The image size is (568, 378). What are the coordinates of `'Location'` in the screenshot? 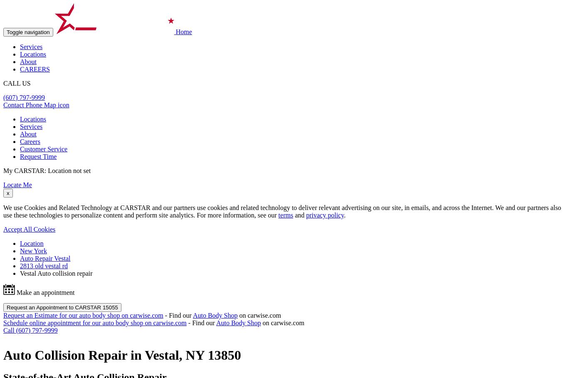 It's located at (20, 243).